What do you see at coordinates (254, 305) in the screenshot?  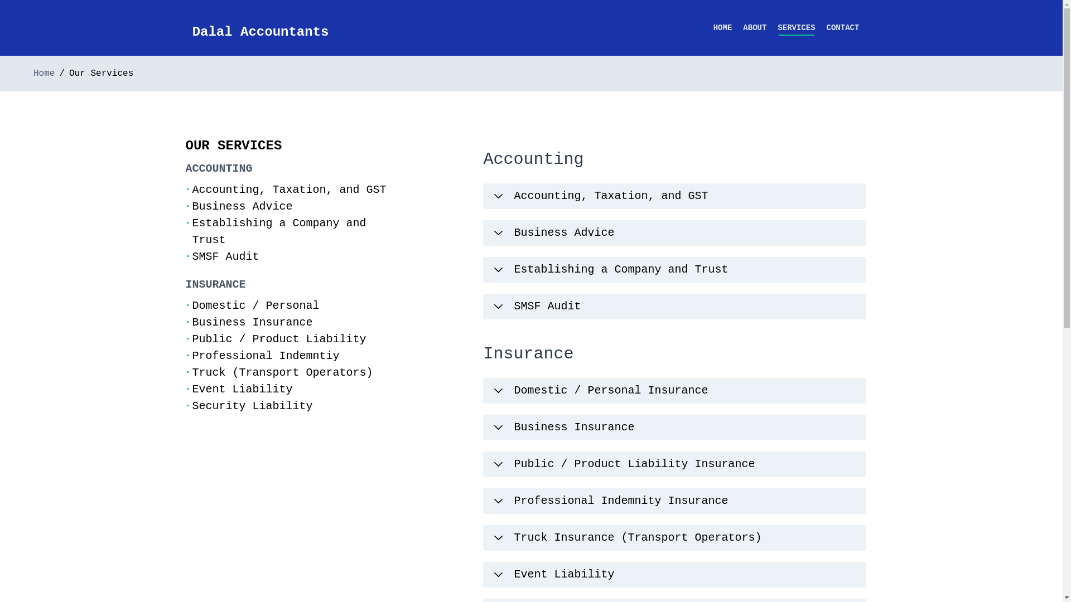 I see `'Domestic / Personal'` at bounding box center [254, 305].